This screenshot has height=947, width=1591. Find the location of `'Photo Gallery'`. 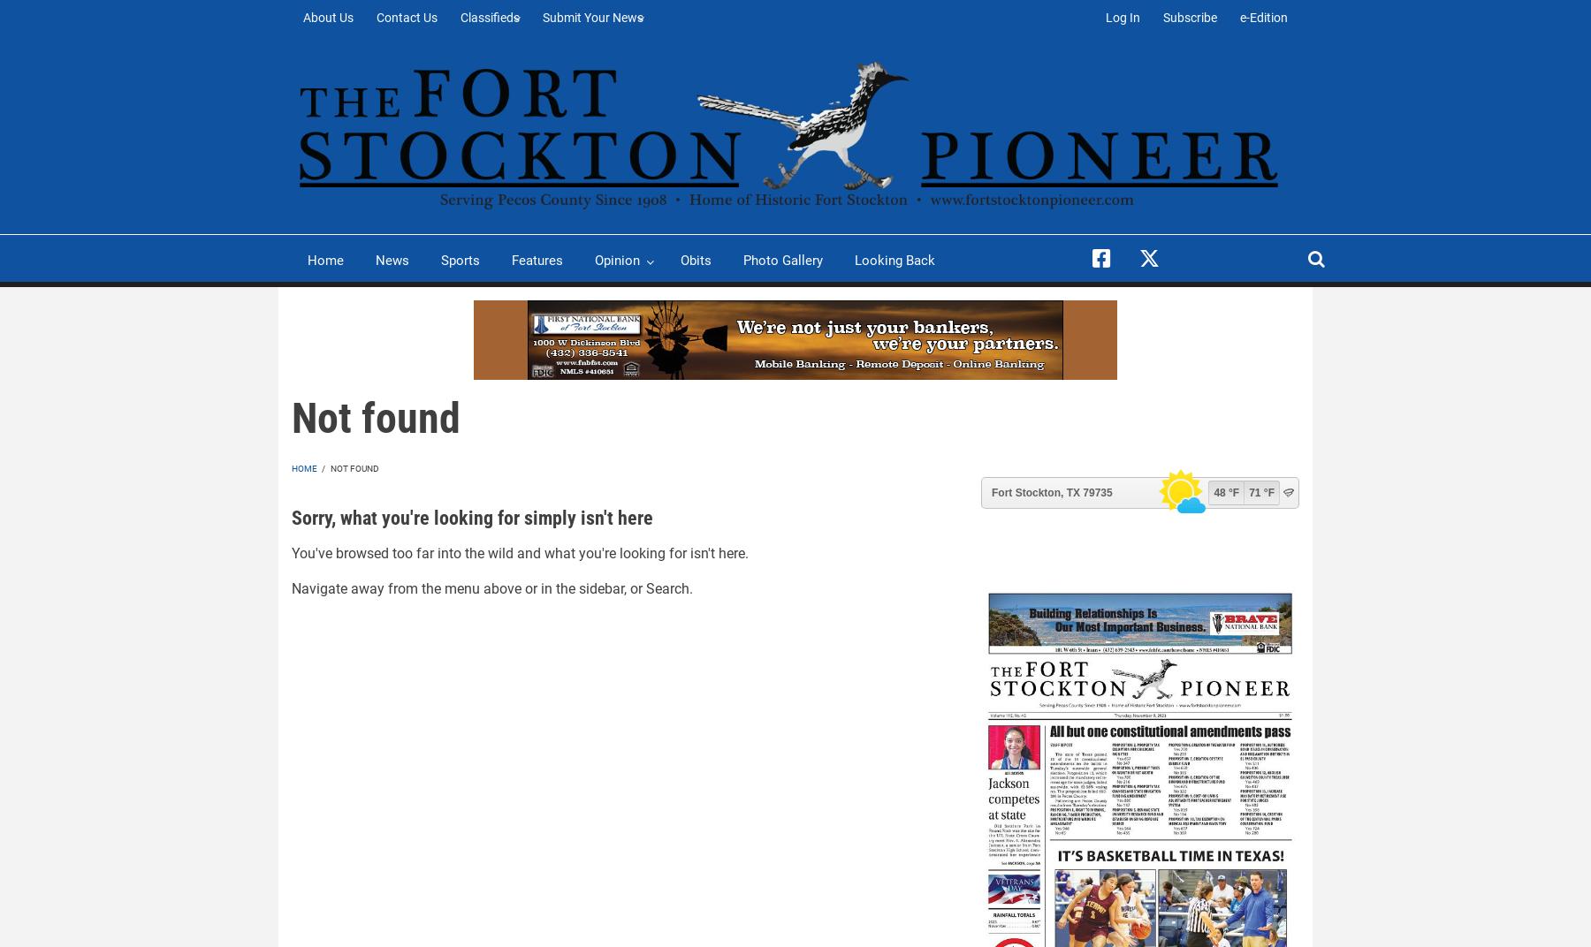

'Photo Gallery' is located at coordinates (782, 260).